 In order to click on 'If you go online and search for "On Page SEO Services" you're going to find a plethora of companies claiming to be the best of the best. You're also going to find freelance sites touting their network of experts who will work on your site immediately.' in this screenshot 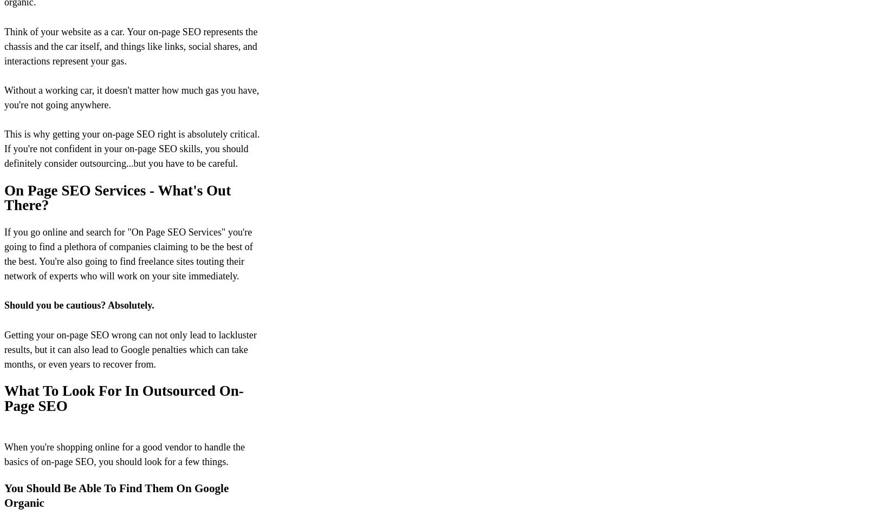, I will do `click(3, 253)`.